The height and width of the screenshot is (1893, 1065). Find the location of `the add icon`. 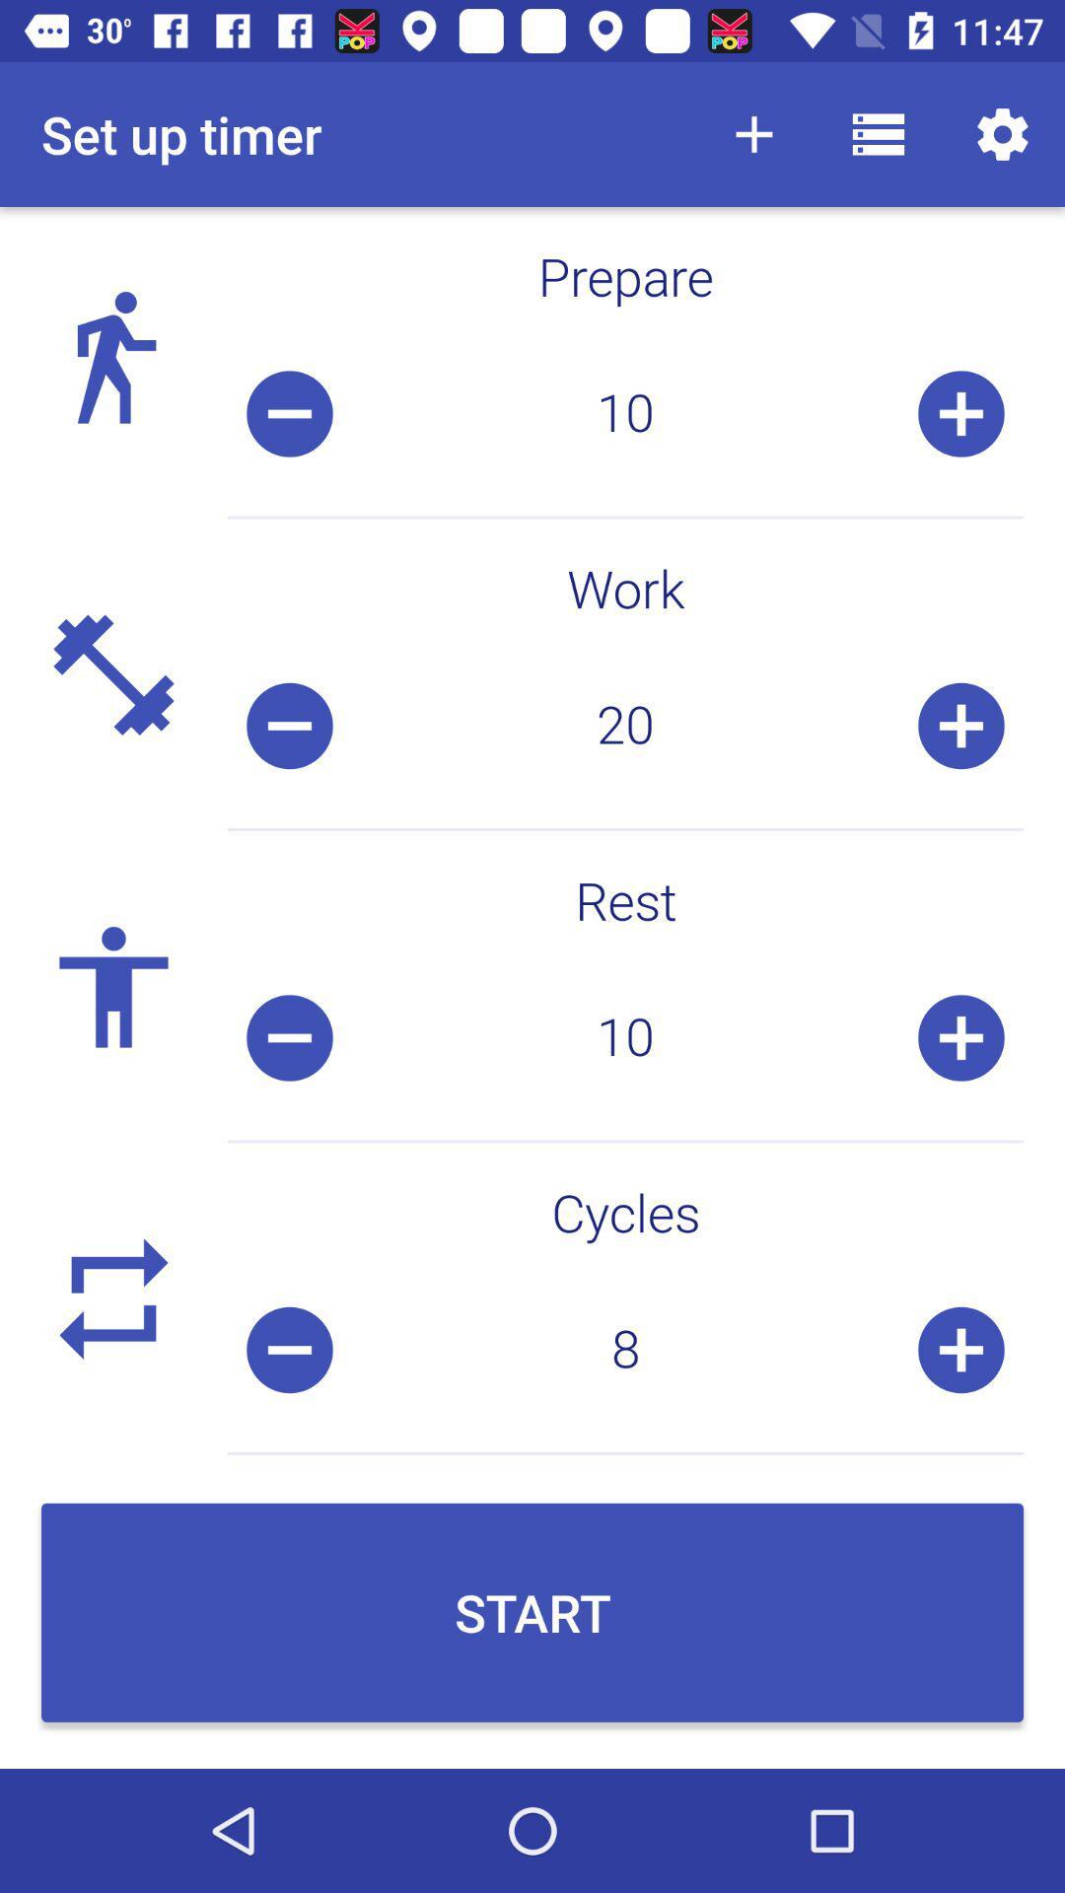

the add icon is located at coordinates (960, 725).